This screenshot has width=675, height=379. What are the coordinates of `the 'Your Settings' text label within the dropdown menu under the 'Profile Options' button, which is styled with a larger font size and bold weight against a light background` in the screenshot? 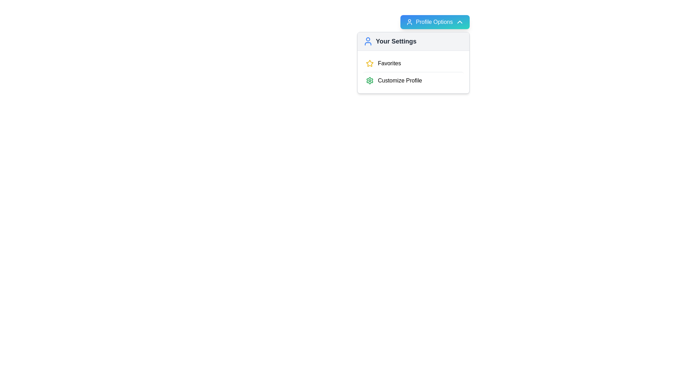 It's located at (396, 41).